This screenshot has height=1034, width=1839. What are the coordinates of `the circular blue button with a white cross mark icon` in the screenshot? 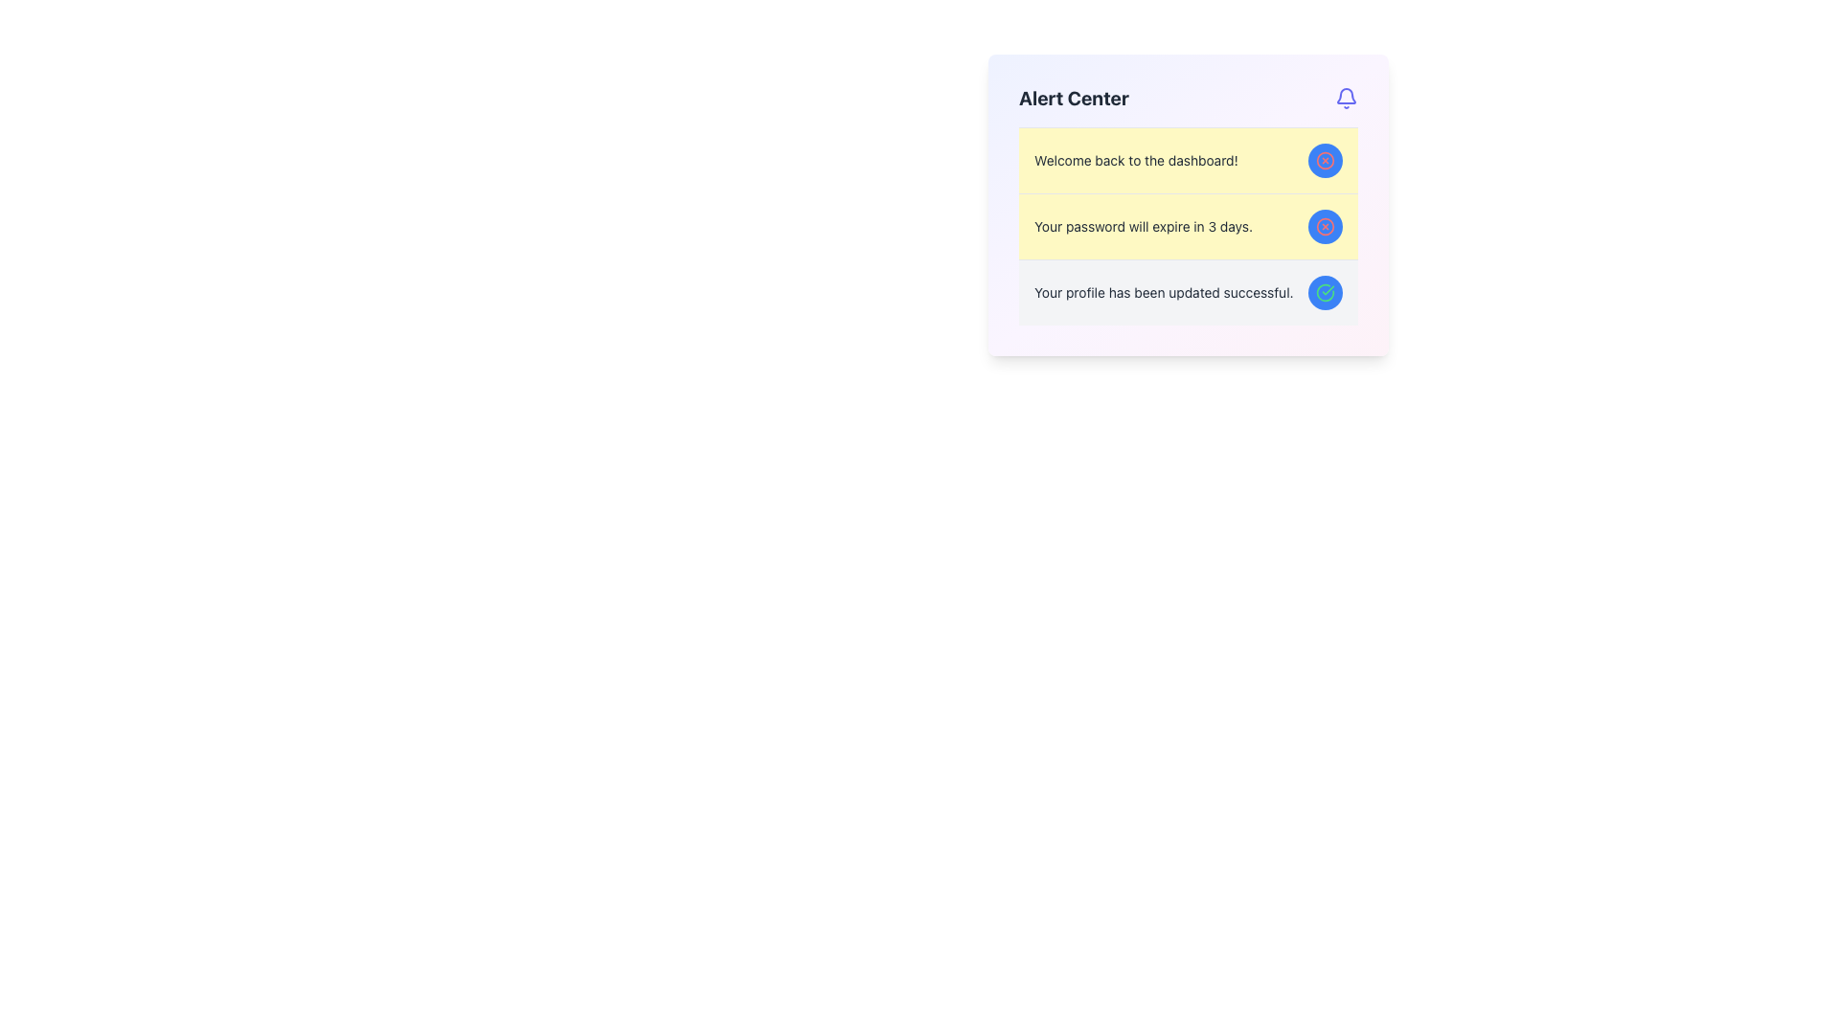 It's located at (1324, 225).